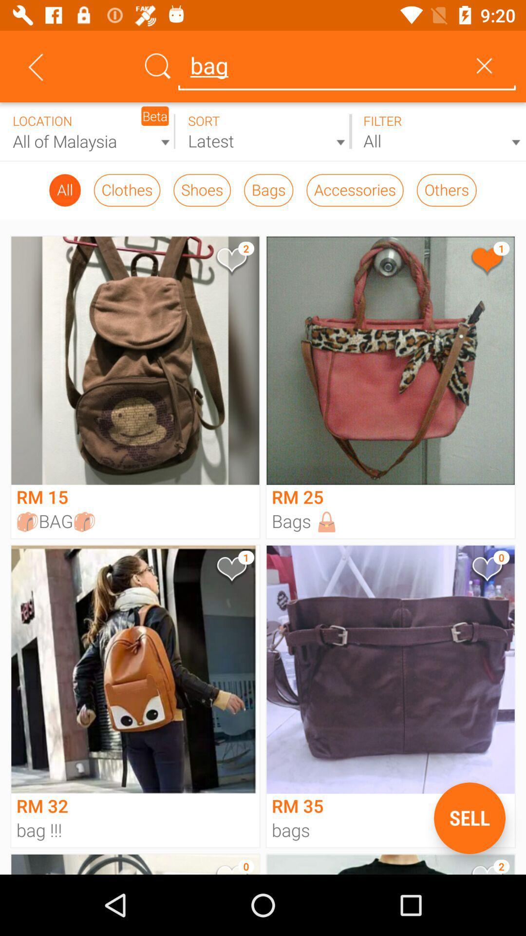  What do you see at coordinates (231, 262) in the screenshot?
I see `item` at bounding box center [231, 262].